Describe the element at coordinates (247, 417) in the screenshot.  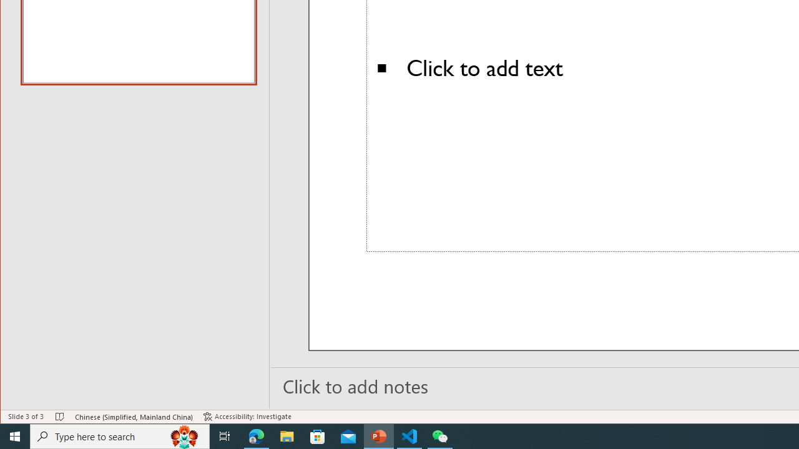
I see `'Accessibility Checker Accessibility: Investigate'` at that location.